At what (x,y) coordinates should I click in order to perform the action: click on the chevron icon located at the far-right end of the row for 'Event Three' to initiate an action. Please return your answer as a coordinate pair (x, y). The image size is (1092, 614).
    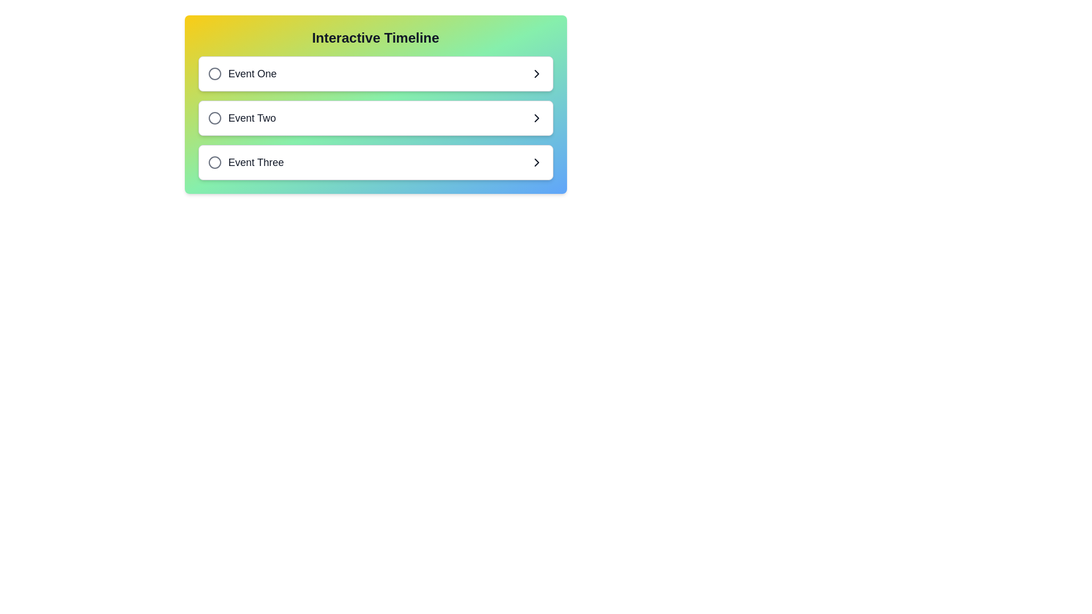
    Looking at the image, I should click on (536, 162).